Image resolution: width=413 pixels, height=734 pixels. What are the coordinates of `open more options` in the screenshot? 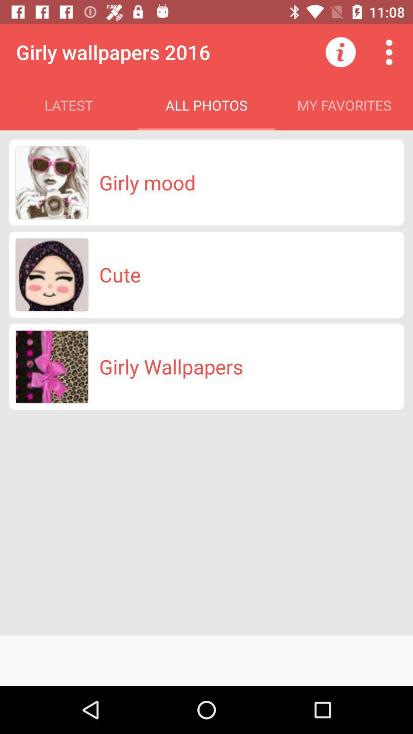 It's located at (389, 52).